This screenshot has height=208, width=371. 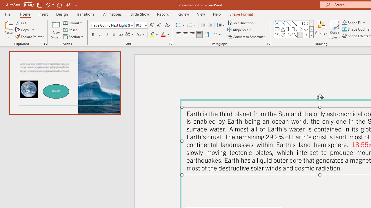 I want to click on 'Character Spacing', so click(x=130, y=34).